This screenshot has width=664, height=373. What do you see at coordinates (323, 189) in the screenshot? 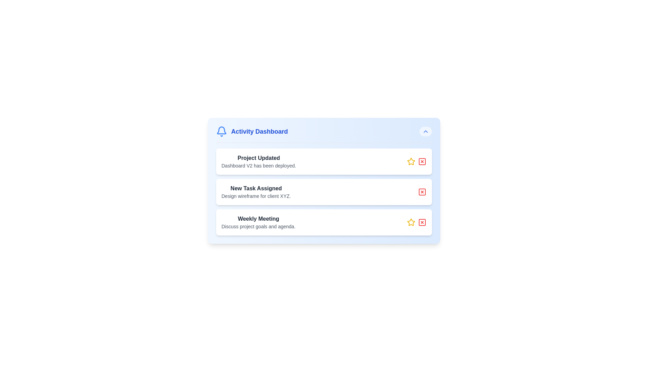
I see `the second Card Component in the vertical list within the 'Activity Dashboard', which provides task information and is located between 'Project Updated' and 'Weekly Meeting'` at bounding box center [323, 189].